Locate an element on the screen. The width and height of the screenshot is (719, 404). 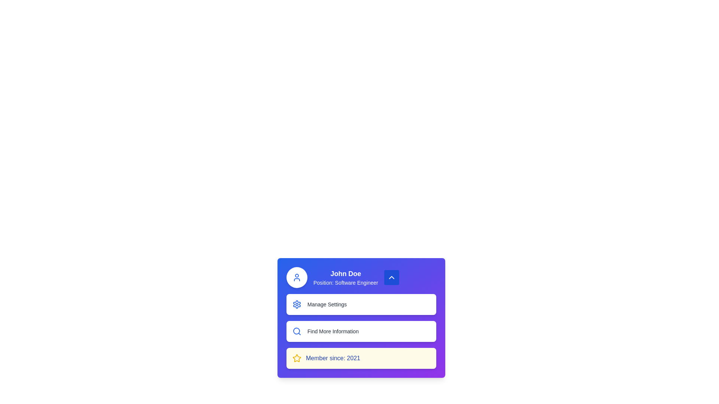
the Avatar or Icon representation located at the far left of the user information card is located at coordinates (296, 277).